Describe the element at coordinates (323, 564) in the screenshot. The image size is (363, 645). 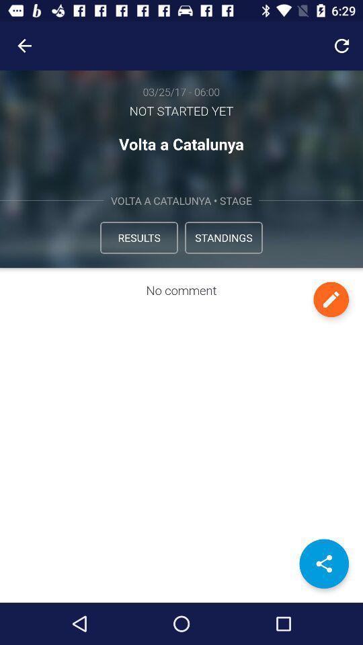
I see `the item at the bottom right corner` at that location.